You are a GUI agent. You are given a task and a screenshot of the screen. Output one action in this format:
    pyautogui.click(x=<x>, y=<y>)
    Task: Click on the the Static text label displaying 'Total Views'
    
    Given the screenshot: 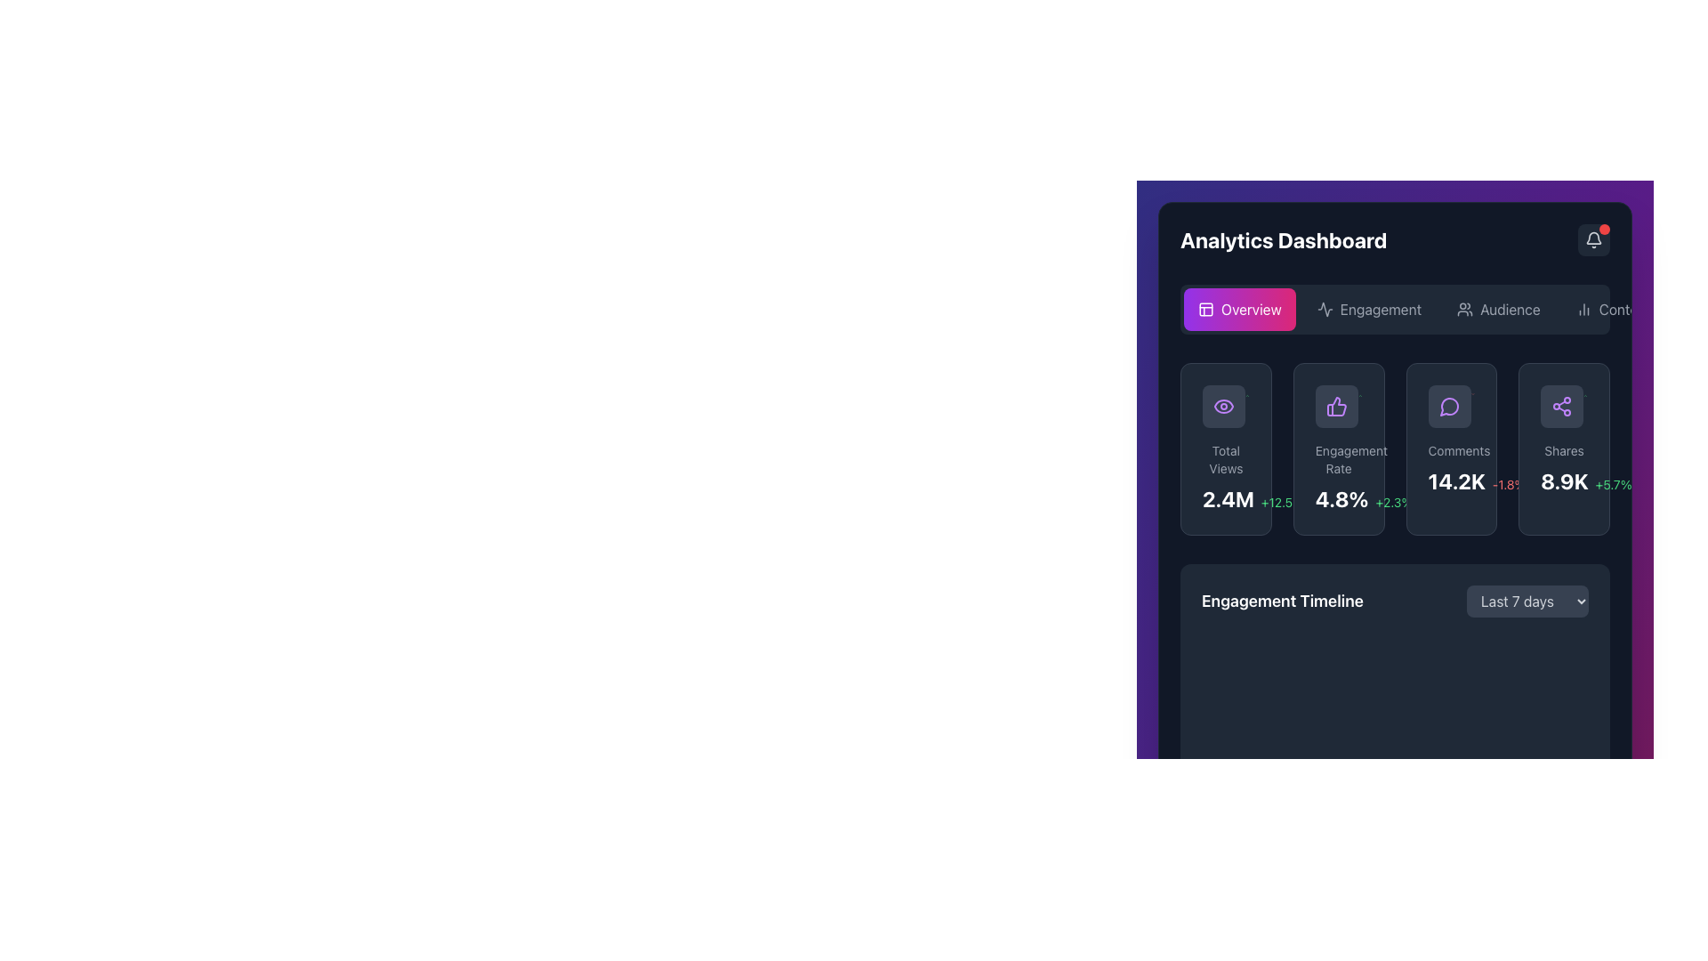 What is the action you would take?
    pyautogui.click(x=1225, y=458)
    